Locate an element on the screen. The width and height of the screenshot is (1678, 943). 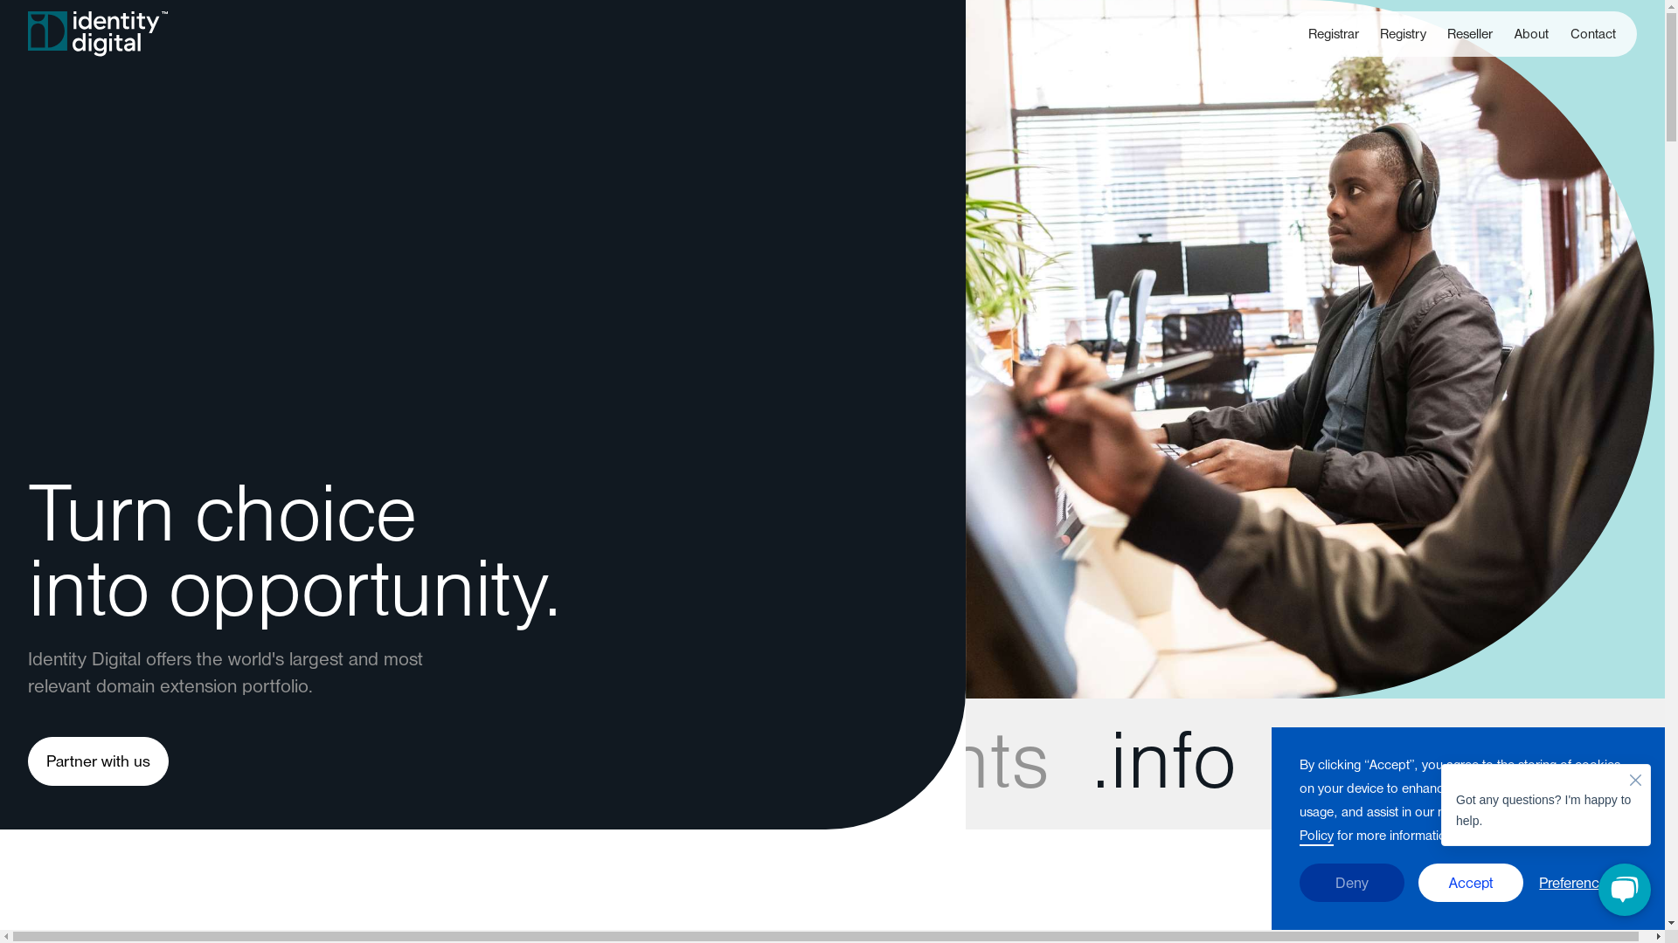
'Partner with us' is located at coordinates (97, 760).